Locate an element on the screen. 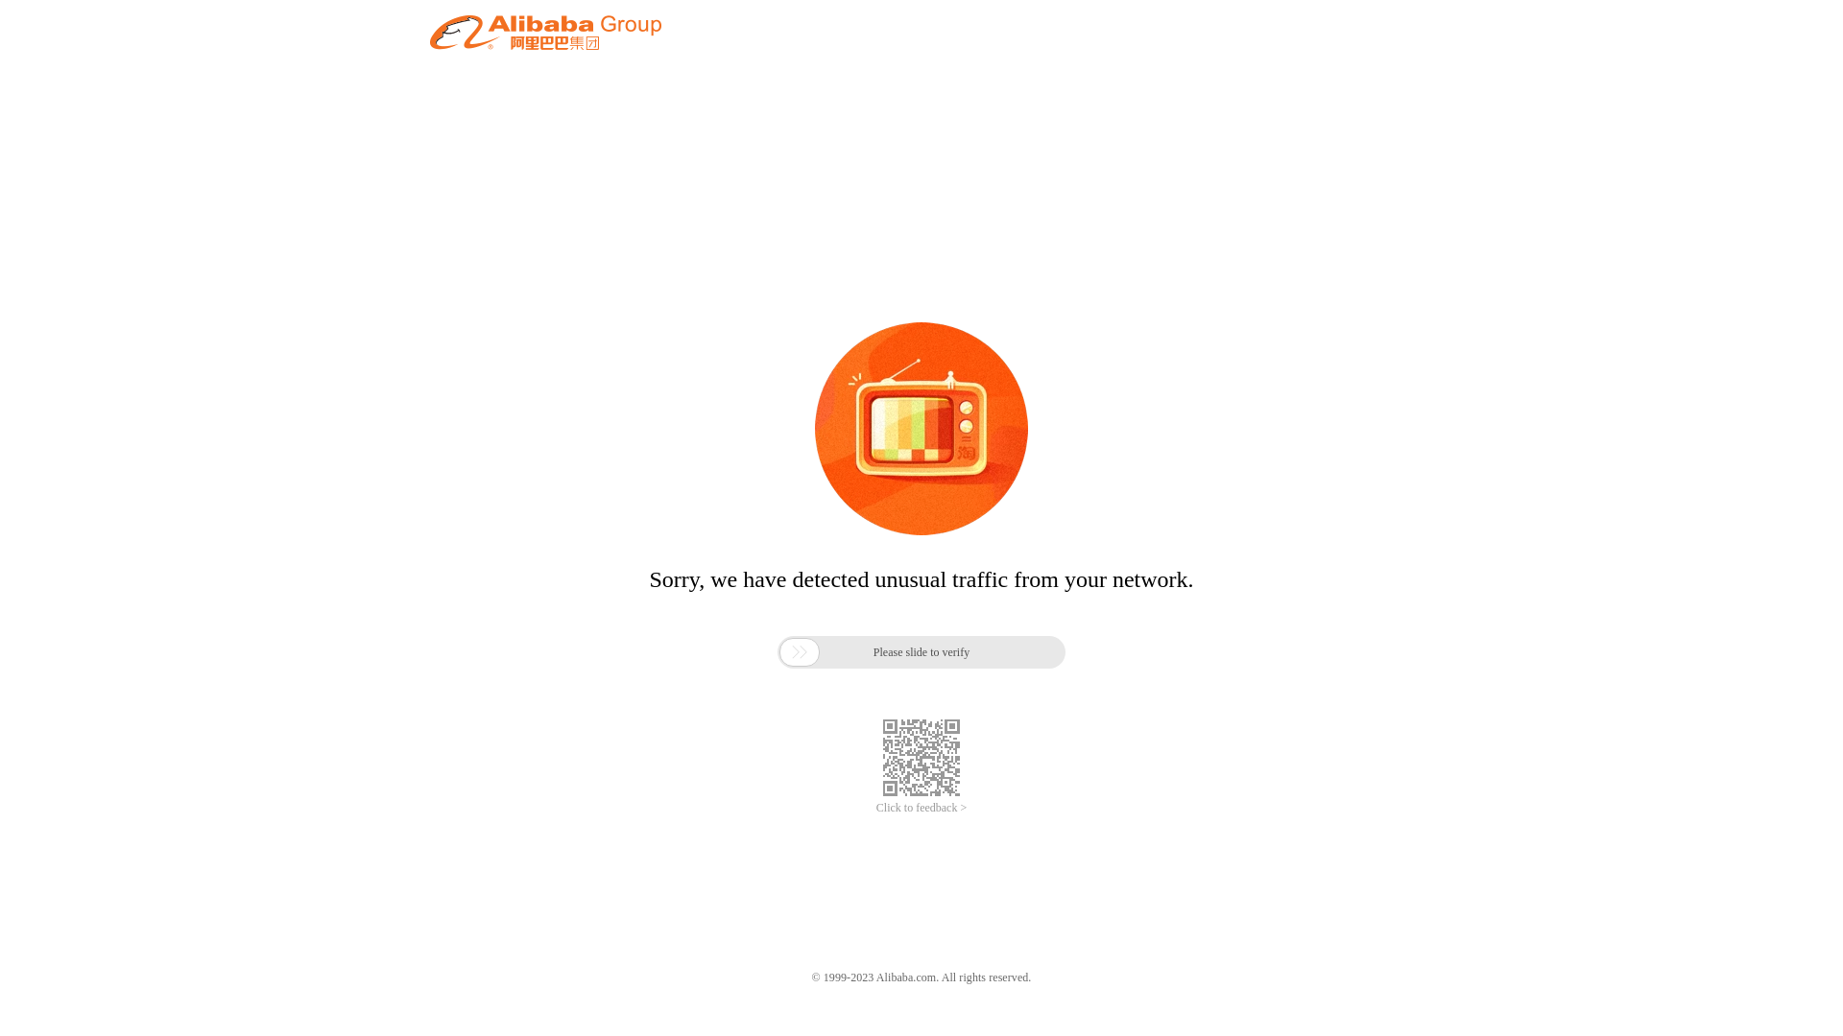  'Click to feedback >' is located at coordinates (921, 808).